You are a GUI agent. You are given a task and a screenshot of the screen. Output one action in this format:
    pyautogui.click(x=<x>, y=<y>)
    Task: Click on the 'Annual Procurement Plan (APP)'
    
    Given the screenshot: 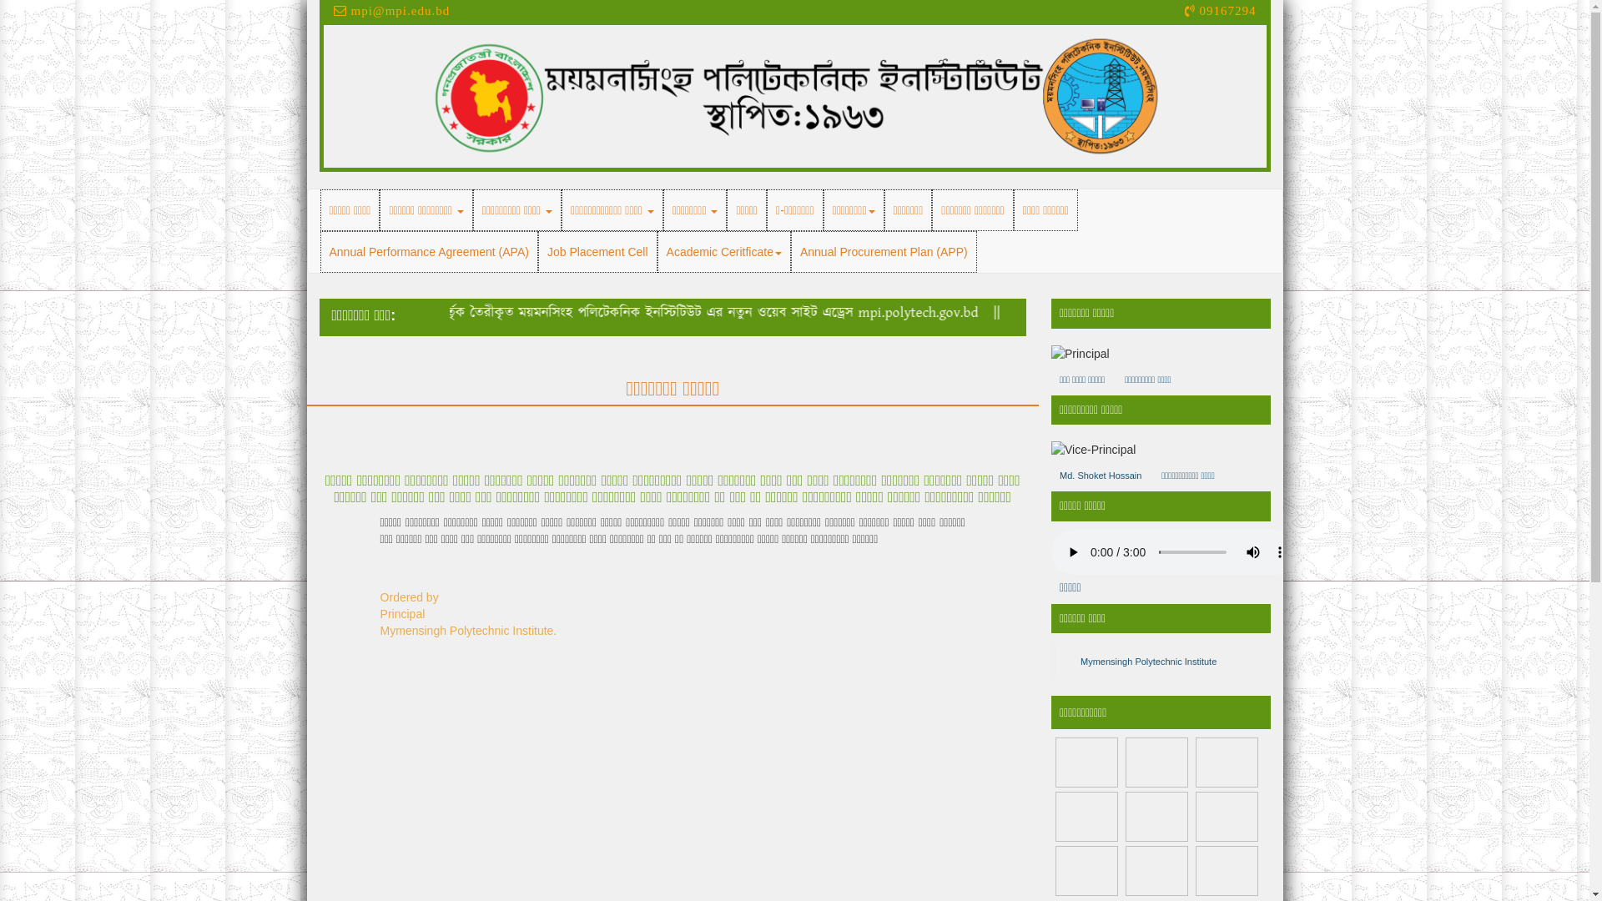 What is the action you would take?
    pyautogui.click(x=883, y=251)
    